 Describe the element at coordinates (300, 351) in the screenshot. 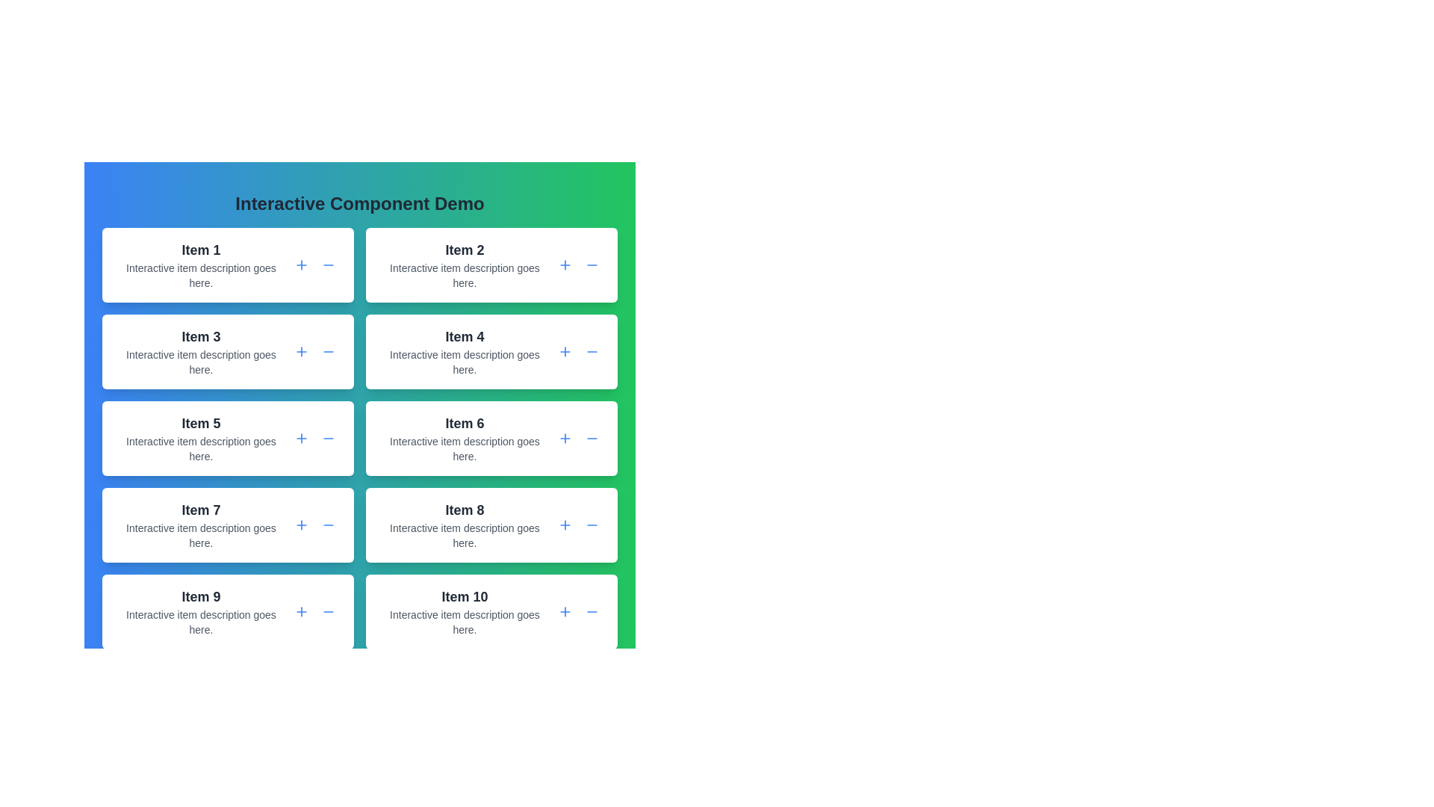

I see `the first button inside the 'Item 3' panel` at that location.